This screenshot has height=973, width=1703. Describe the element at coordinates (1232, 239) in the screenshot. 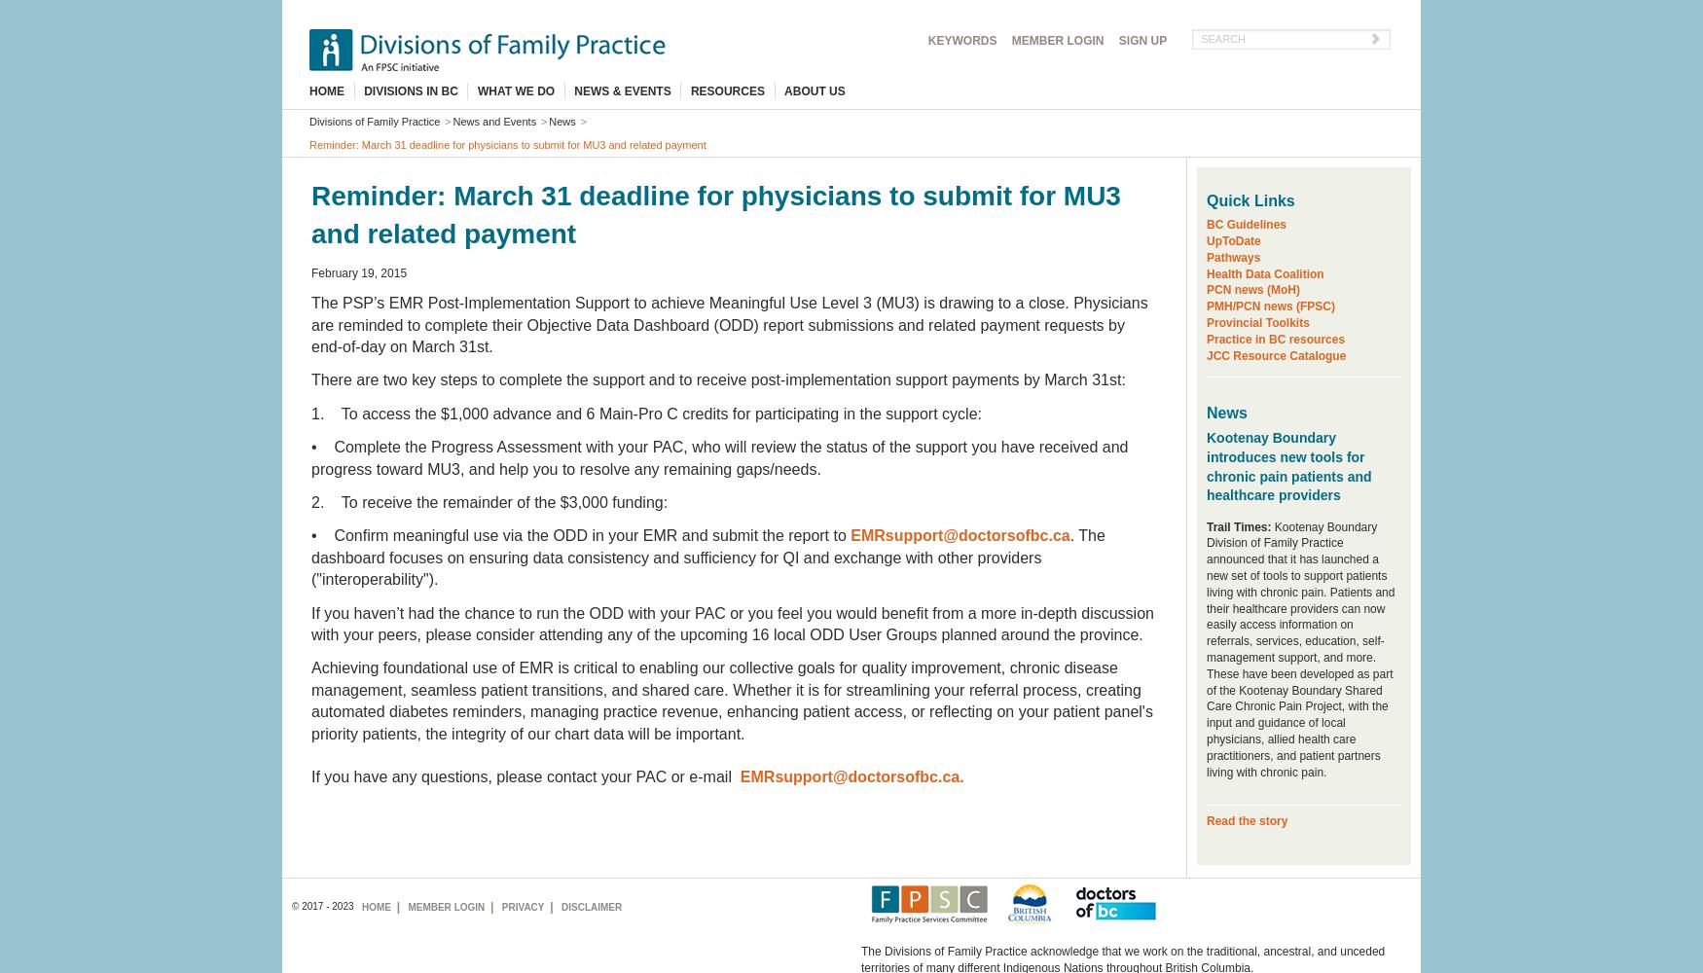

I see `'UpToDate'` at that location.